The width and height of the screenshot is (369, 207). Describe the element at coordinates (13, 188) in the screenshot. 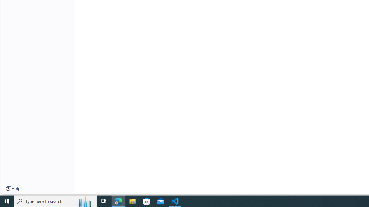

I see `'Help'` at that location.